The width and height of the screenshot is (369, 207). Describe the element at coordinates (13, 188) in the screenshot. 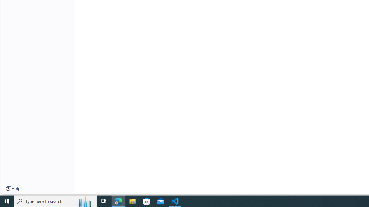

I see `'Help'` at that location.